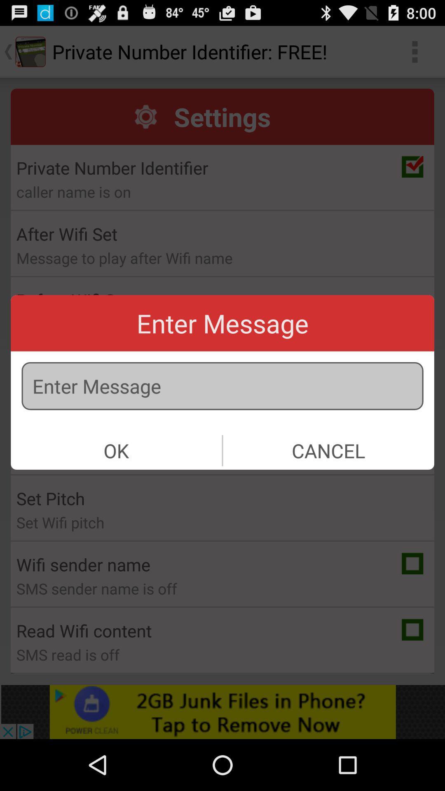 The width and height of the screenshot is (445, 791). I want to click on message text box, so click(222, 386).